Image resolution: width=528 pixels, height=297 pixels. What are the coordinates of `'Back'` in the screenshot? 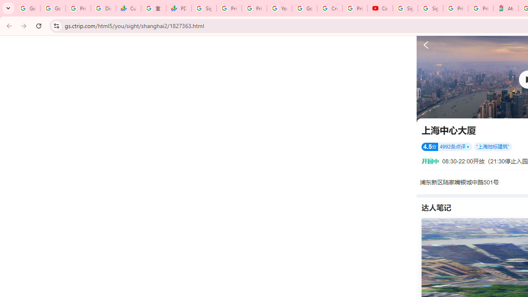 It's located at (8, 25).